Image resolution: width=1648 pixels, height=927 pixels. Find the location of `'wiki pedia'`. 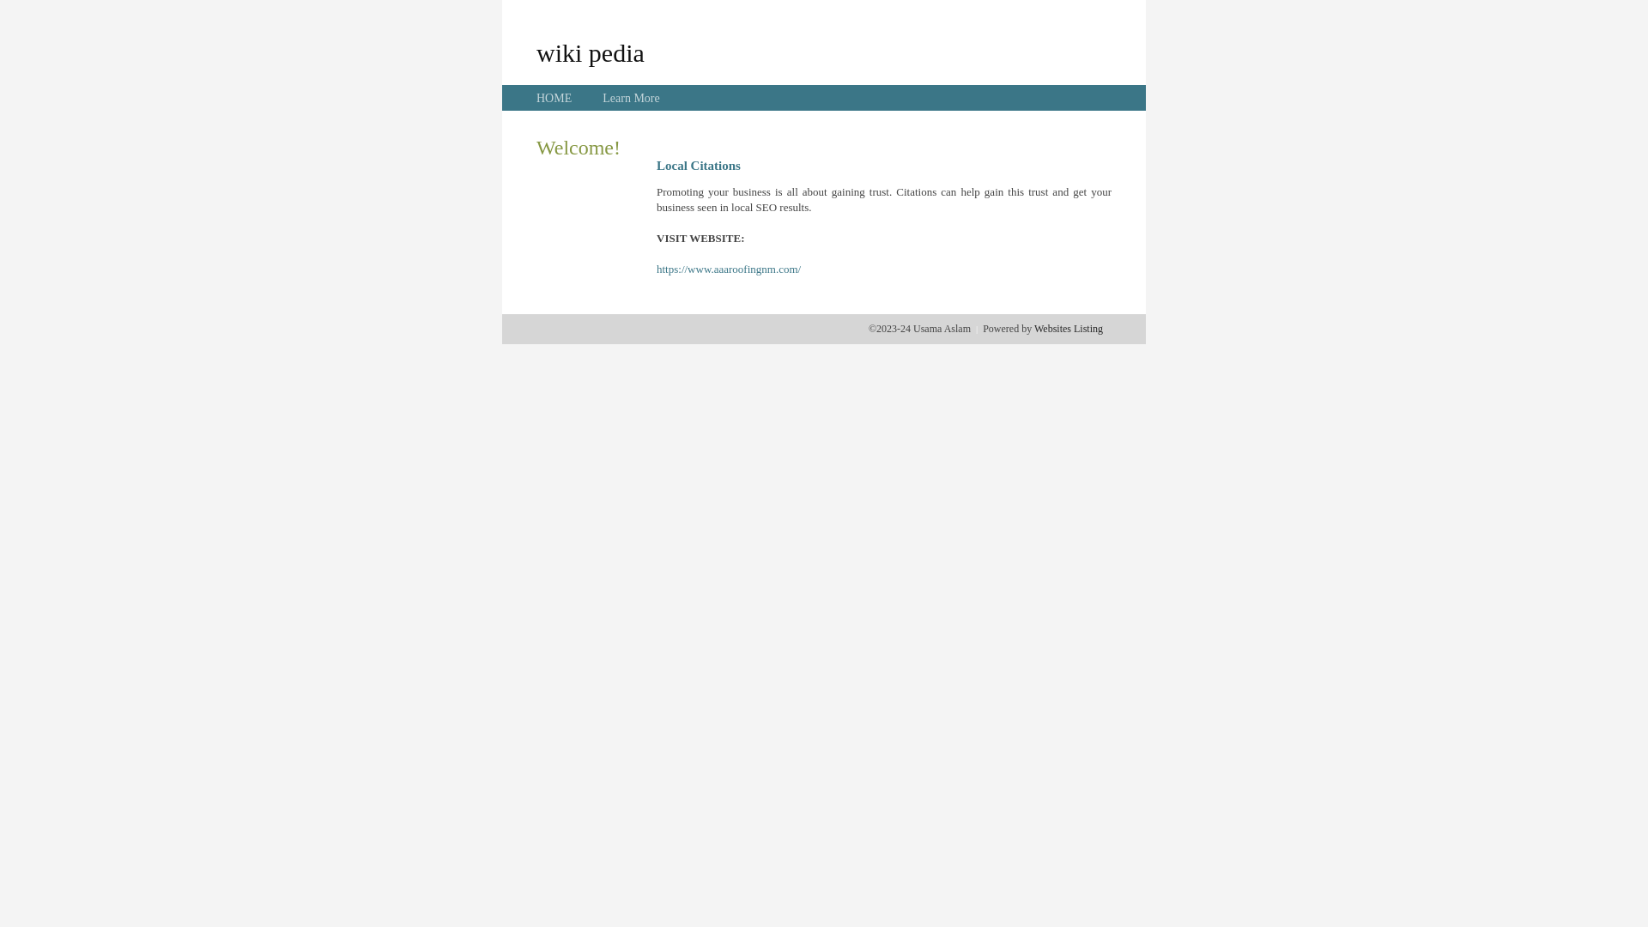

'wiki pedia' is located at coordinates (590, 51).